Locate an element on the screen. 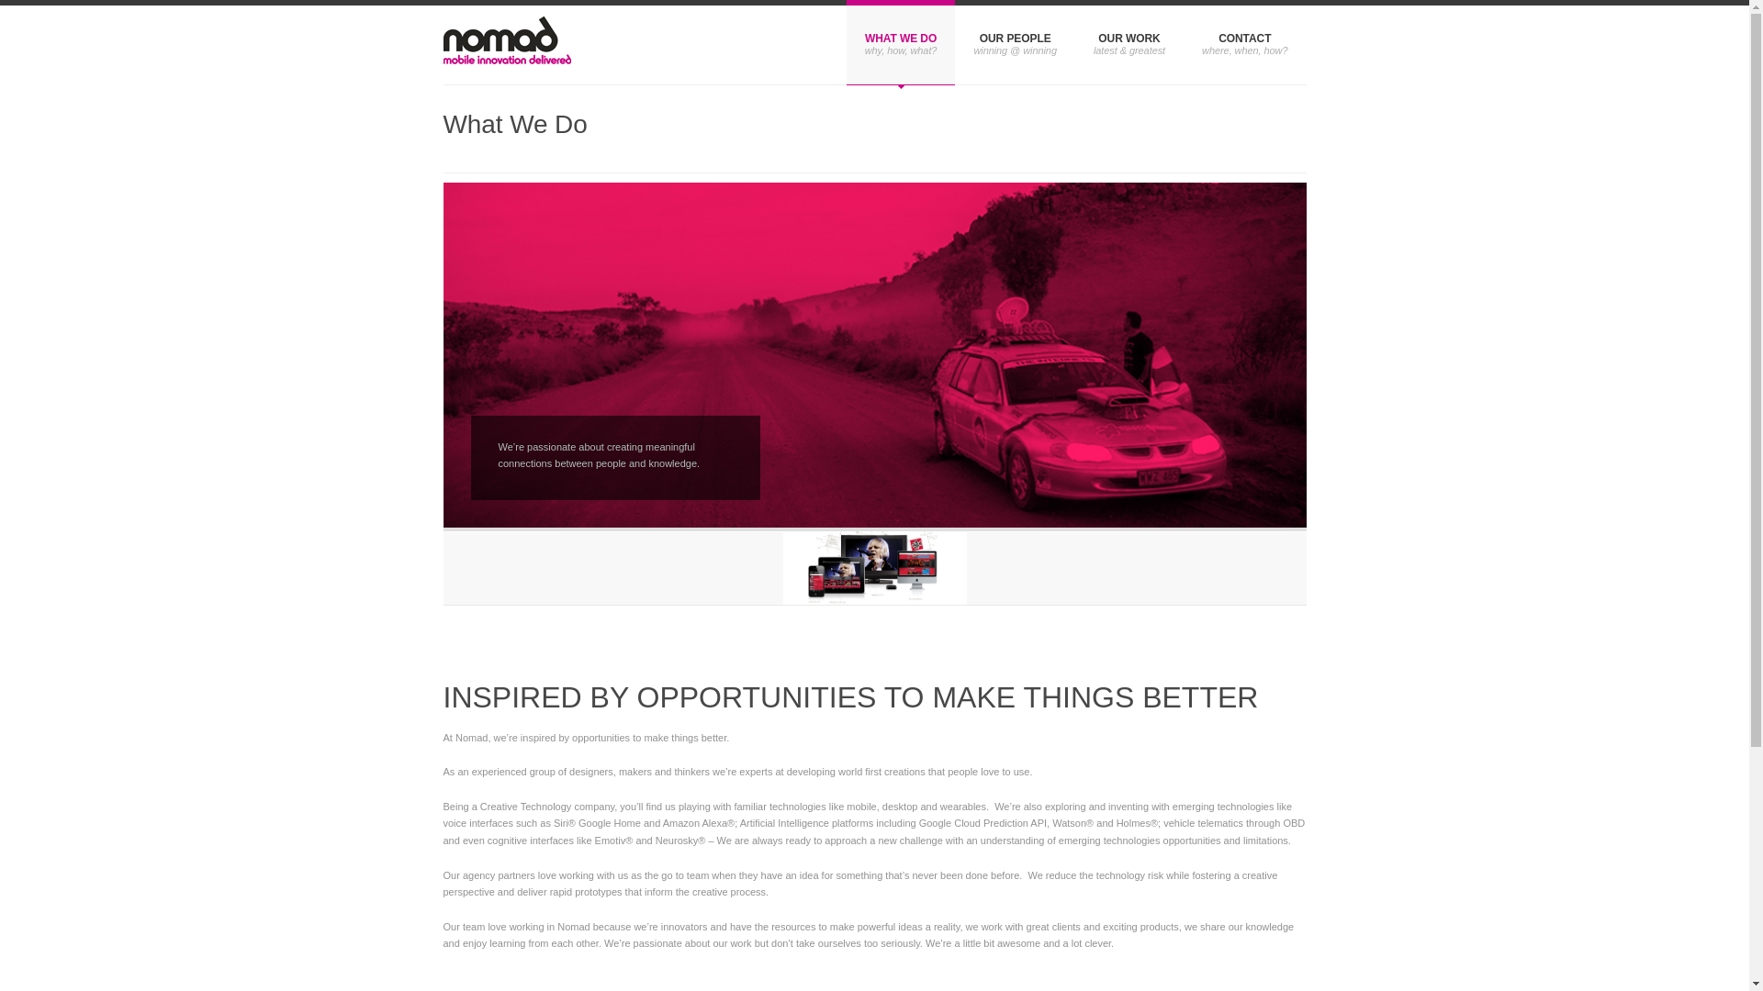 The width and height of the screenshot is (1763, 991). 'WHAT WE DO' is located at coordinates (901, 41).